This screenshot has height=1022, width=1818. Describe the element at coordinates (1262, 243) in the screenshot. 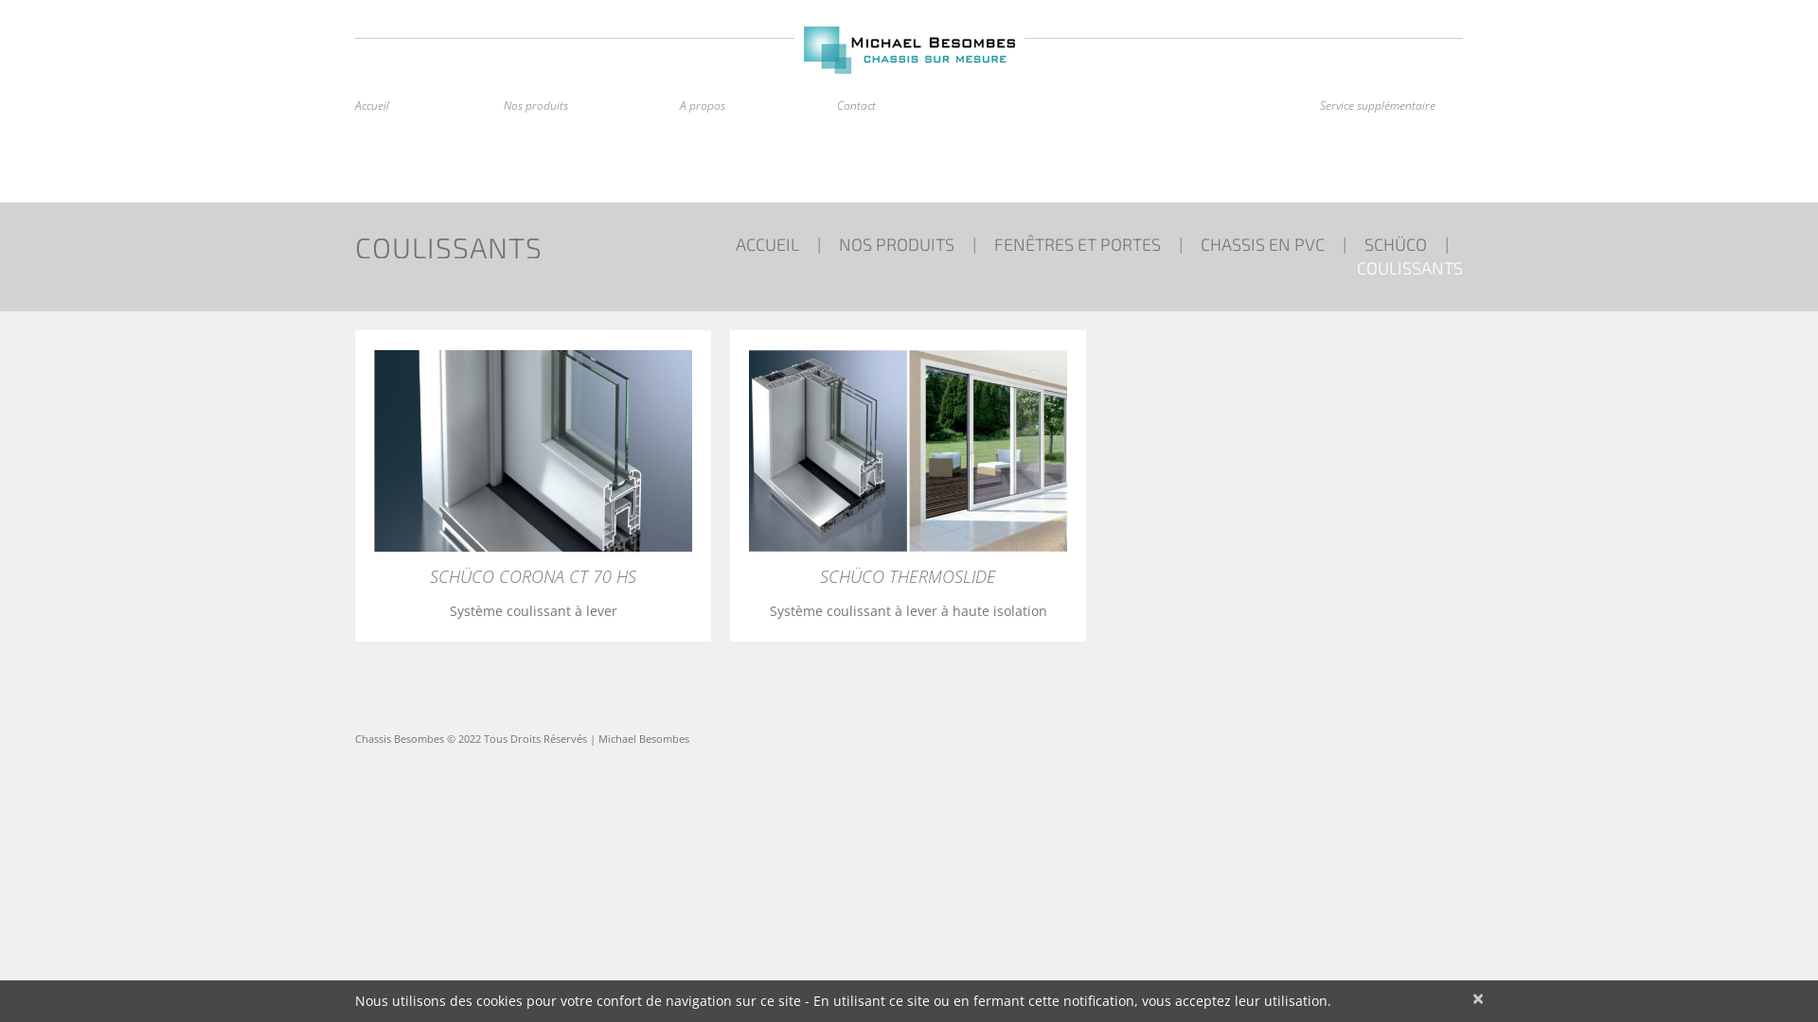

I see `'CHASSIS EN PVC'` at that location.